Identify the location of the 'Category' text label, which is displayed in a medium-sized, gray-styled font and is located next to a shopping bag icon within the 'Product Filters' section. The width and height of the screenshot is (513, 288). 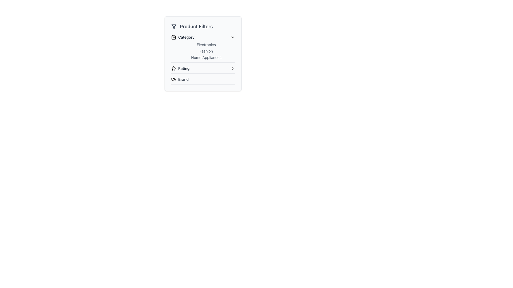
(186, 37).